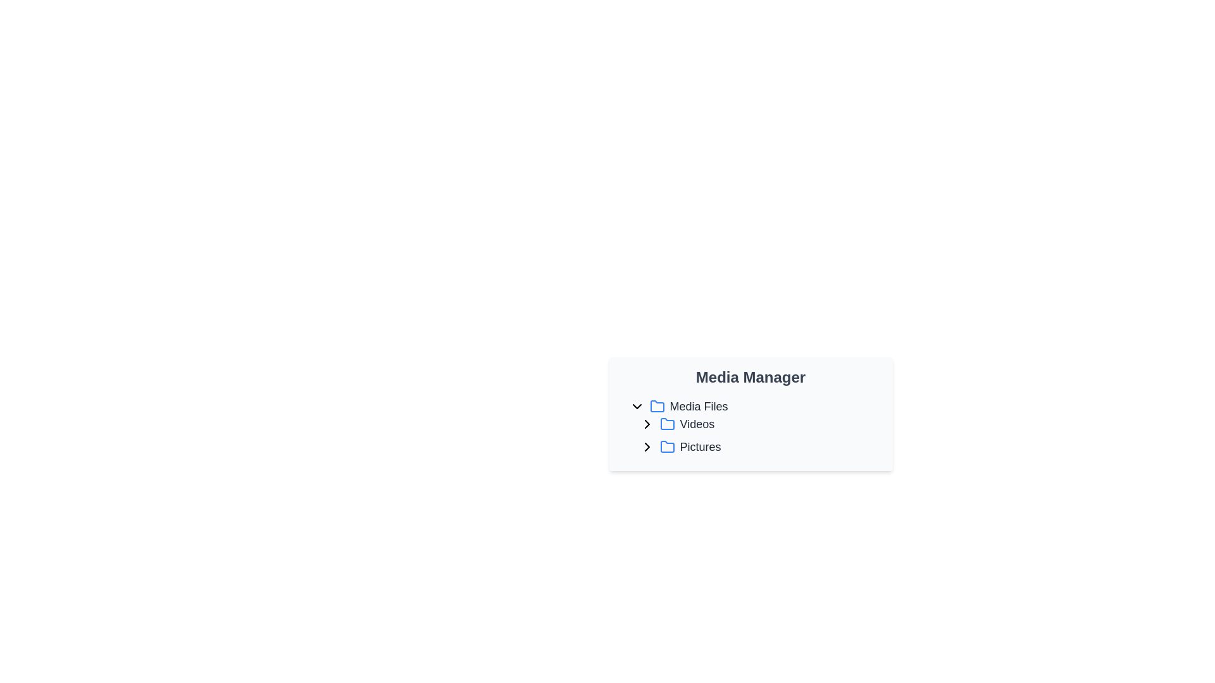 This screenshot has width=1215, height=683. I want to click on the folder icon rendered in bold blue, which is part of the 'Media Files' row under 'Media Manager', so click(657, 407).